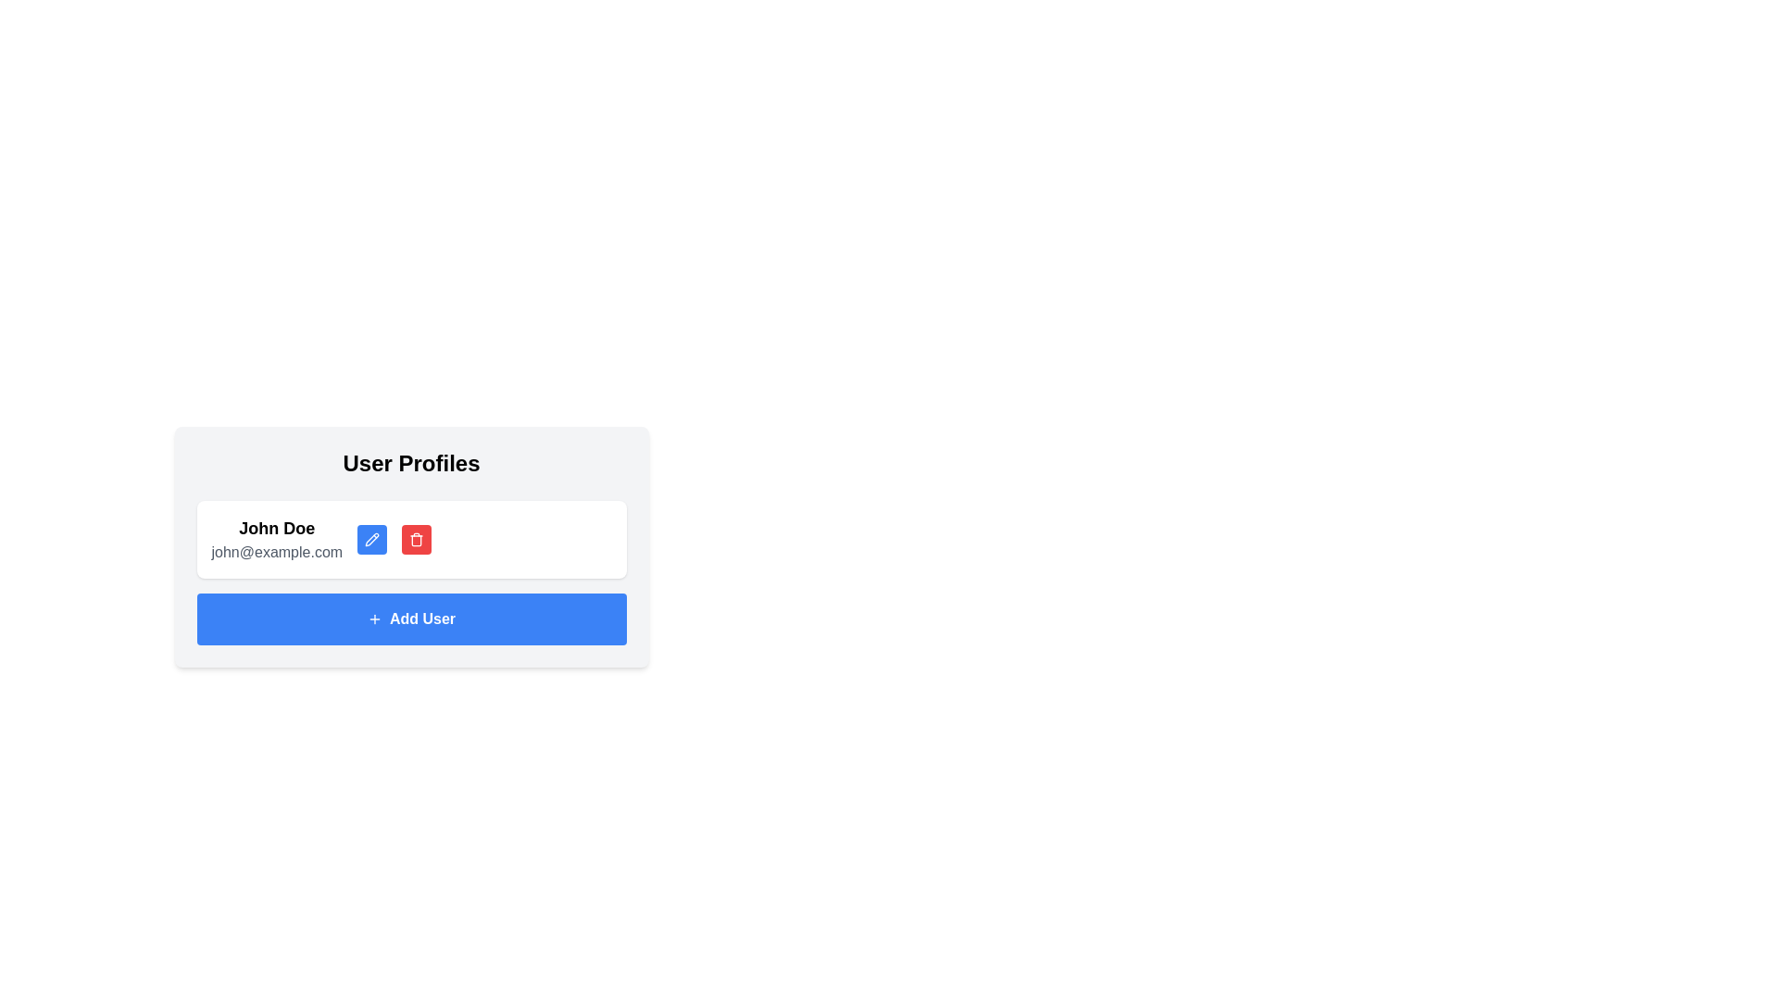 The image size is (1778, 1000). What do you see at coordinates (276, 528) in the screenshot?
I see `the text label displaying 'John Doe', which is bold and located above the email address 'john@example.com' in the profile card` at bounding box center [276, 528].